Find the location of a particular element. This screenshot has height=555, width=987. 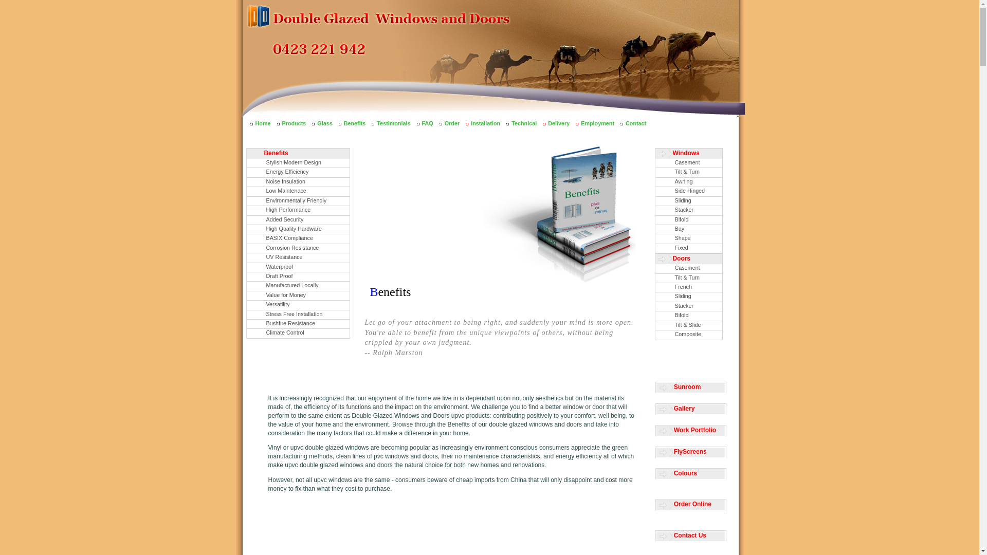

'Installation' is located at coordinates (470, 122).